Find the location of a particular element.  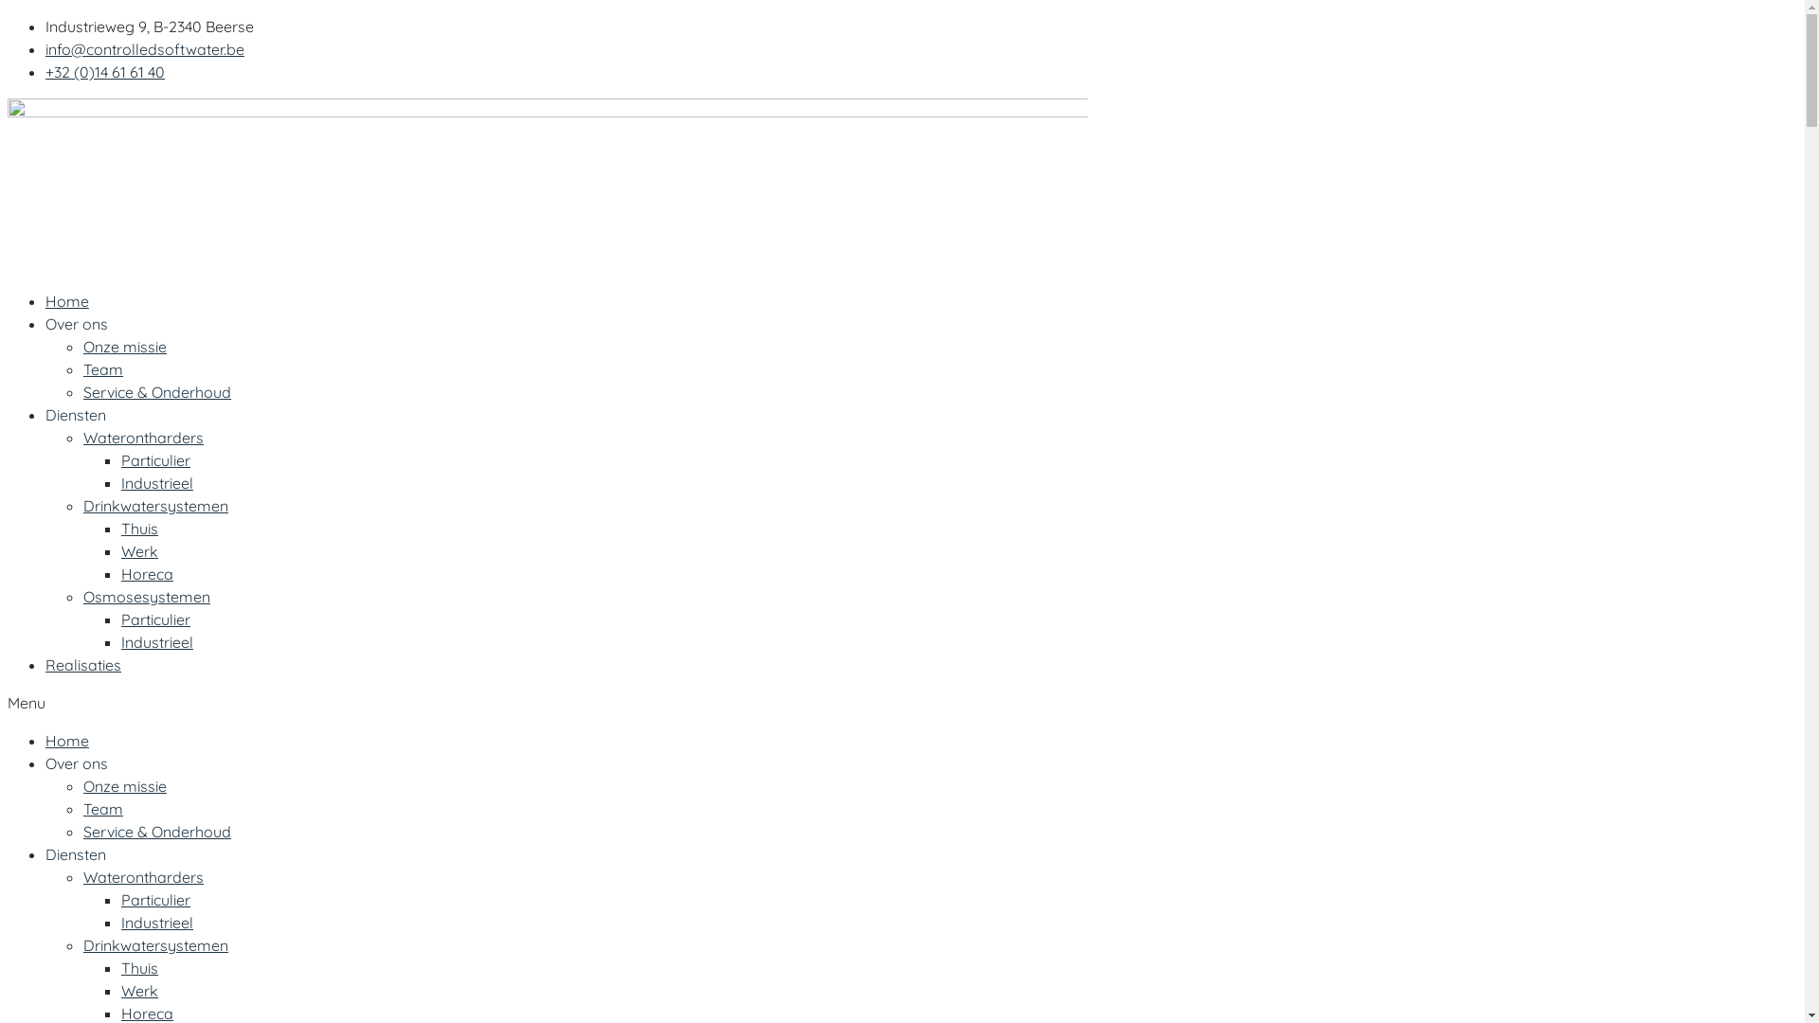

'Home' is located at coordinates (67, 299).